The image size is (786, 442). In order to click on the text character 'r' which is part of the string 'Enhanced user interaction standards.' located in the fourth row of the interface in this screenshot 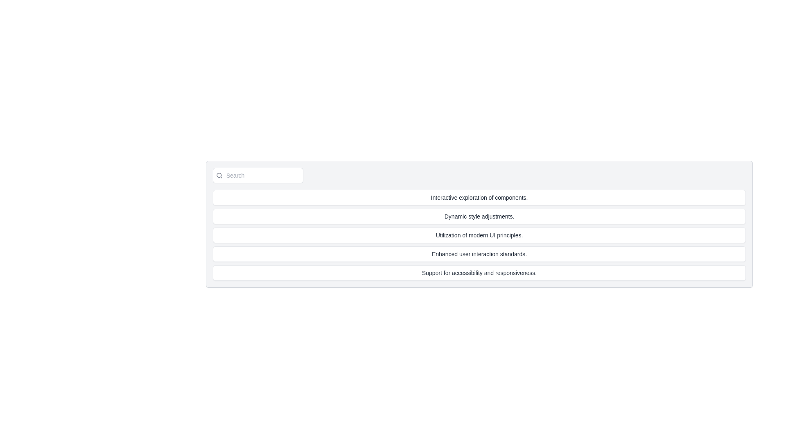, I will do `click(518, 254)`.